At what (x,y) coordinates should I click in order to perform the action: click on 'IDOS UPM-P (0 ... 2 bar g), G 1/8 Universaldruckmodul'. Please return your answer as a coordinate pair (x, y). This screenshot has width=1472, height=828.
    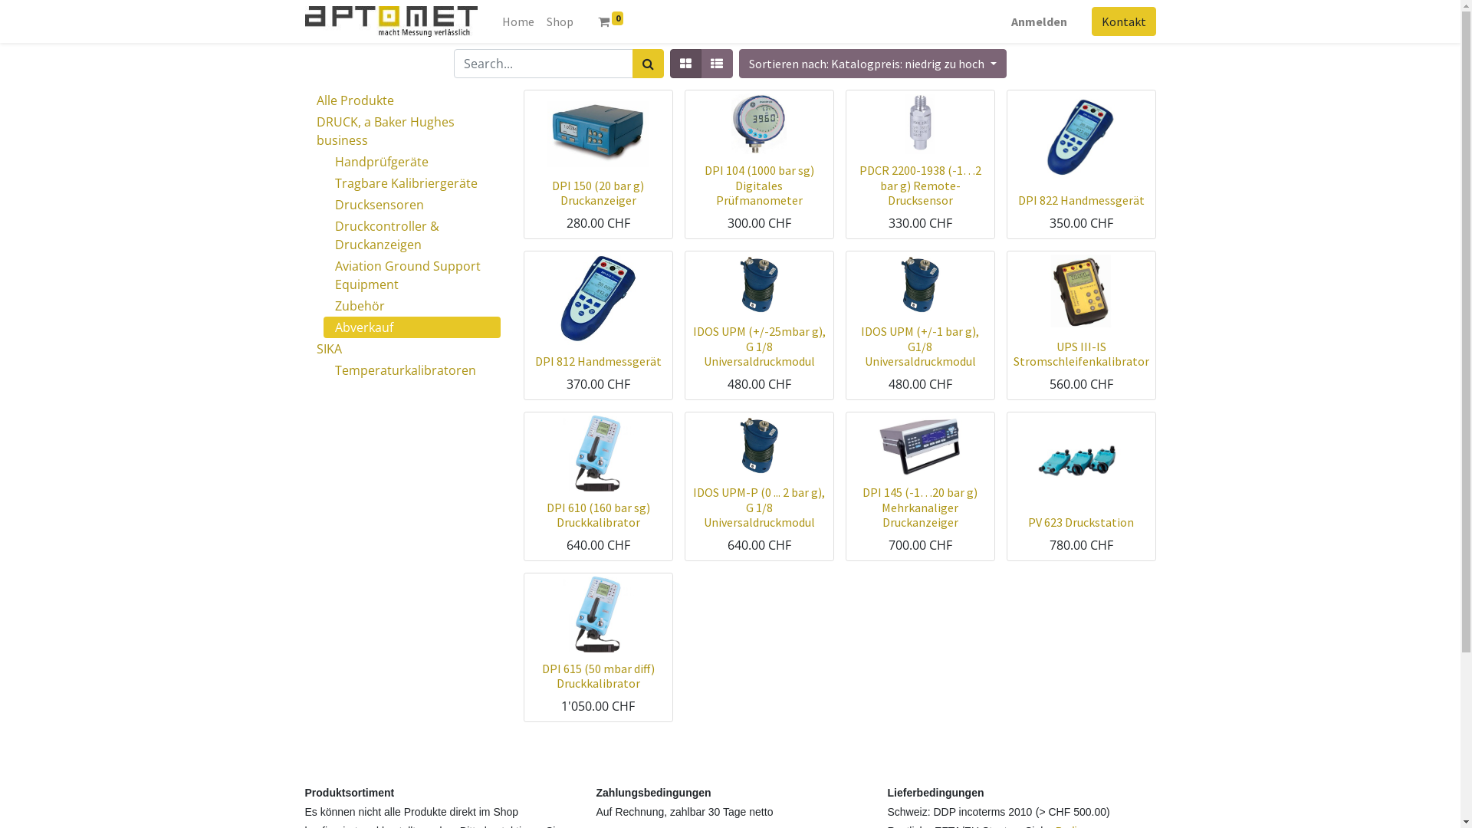
    Looking at the image, I should click on (692, 506).